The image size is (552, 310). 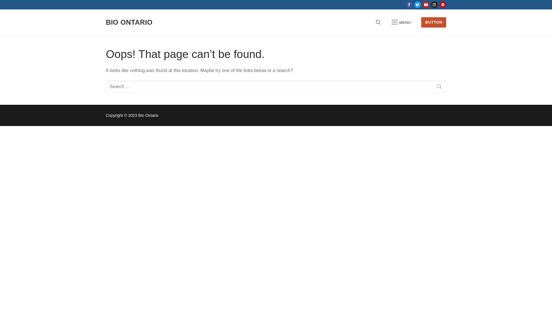 What do you see at coordinates (276, 86) in the screenshot?
I see `'Search for:'` at bounding box center [276, 86].